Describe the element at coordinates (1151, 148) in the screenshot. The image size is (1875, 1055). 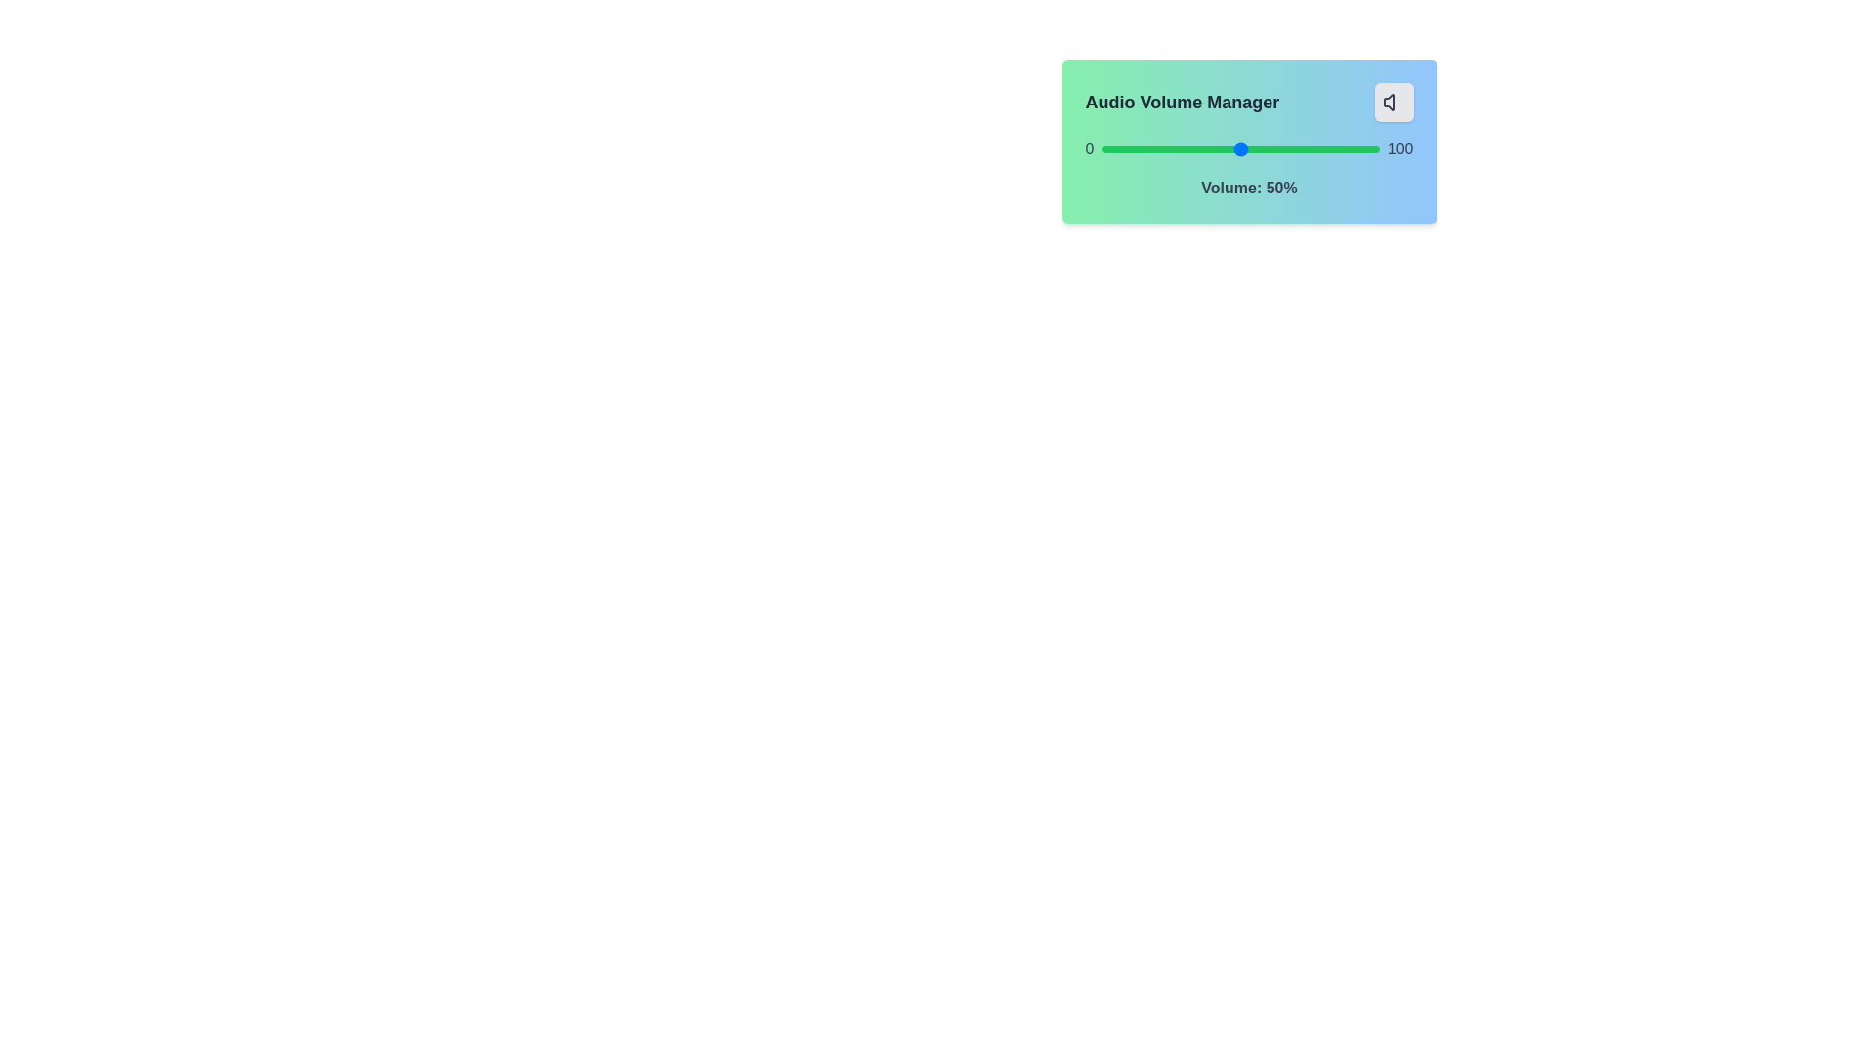
I see `the slider` at that location.